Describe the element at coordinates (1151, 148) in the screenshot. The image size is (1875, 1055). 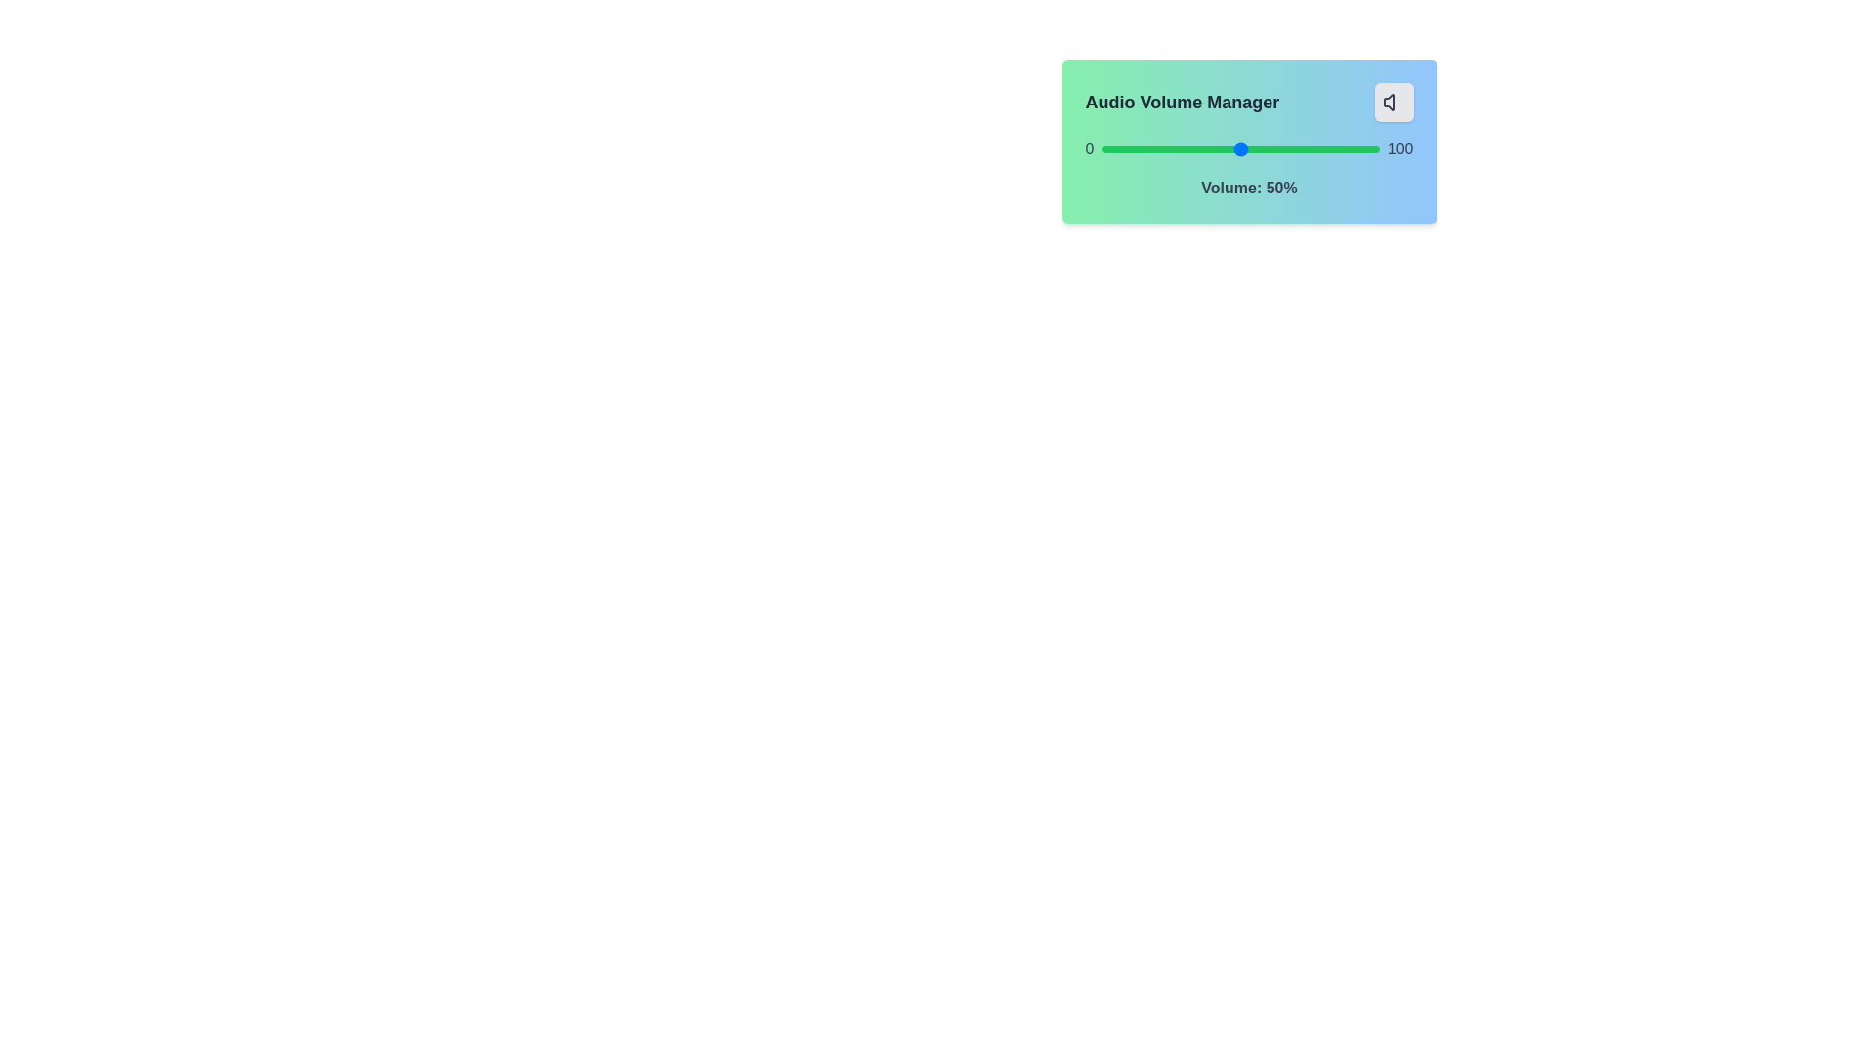
I see `the slider` at that location.